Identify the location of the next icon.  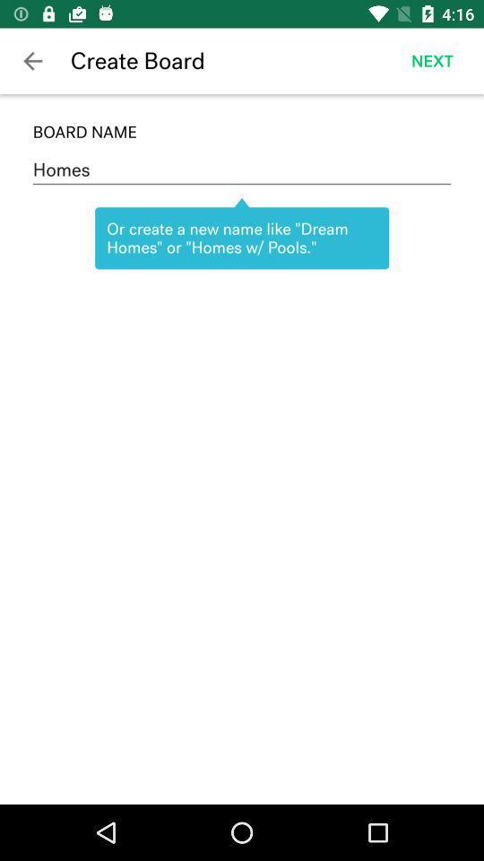
(431, 61).